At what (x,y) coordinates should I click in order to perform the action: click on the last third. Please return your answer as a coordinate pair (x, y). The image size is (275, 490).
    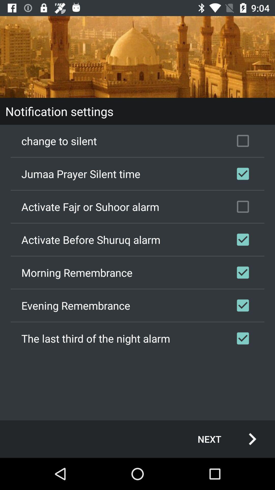
    Looking at the image, I should click on (137, 338).